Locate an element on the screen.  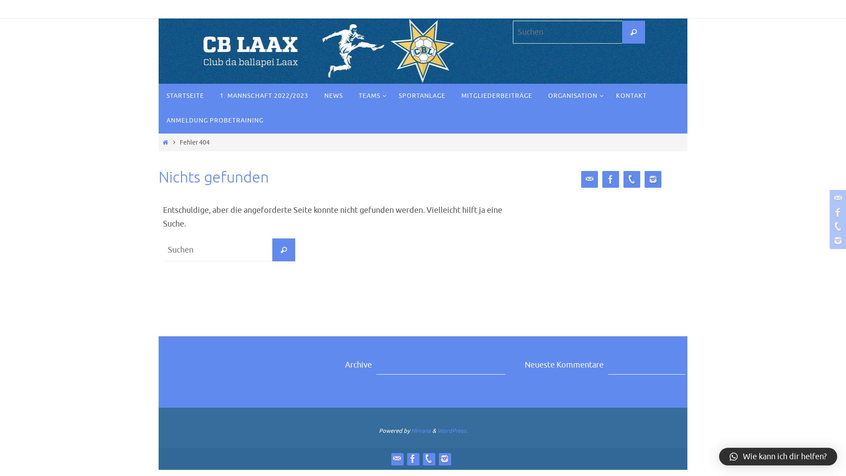
'WordPress.' is located at coordinates (452, 430).